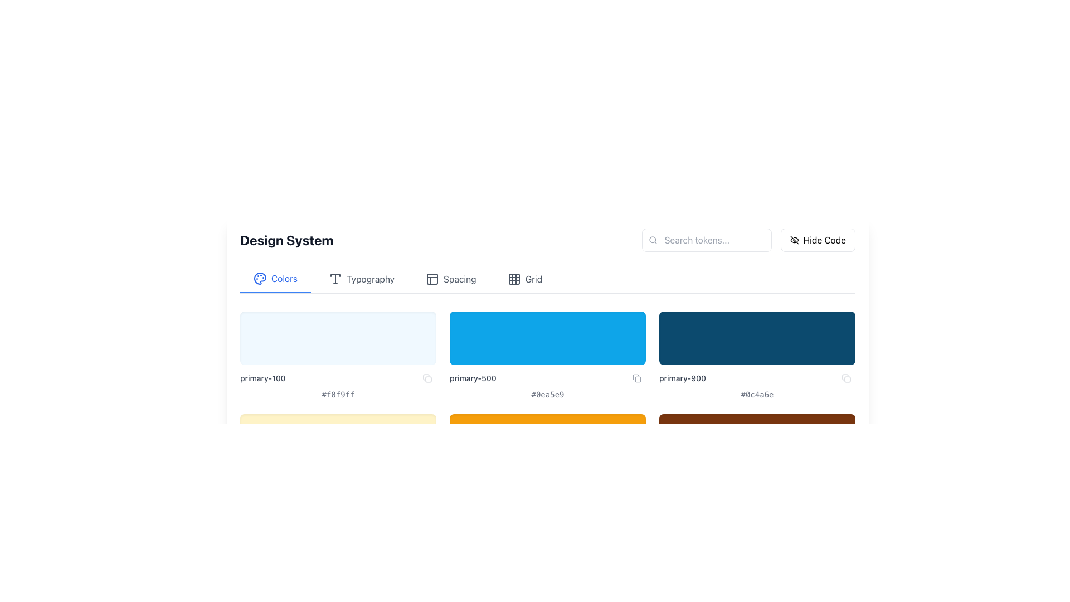 Image resolution: width=1070 pixels, height=602 pixels. Describe the element at coordinates (638, 379) in the screenshot. I see `the Icon component which is a small rectangle with rounded corners located in the third row of color boxes on the right-hand side of the application interface` at that location.